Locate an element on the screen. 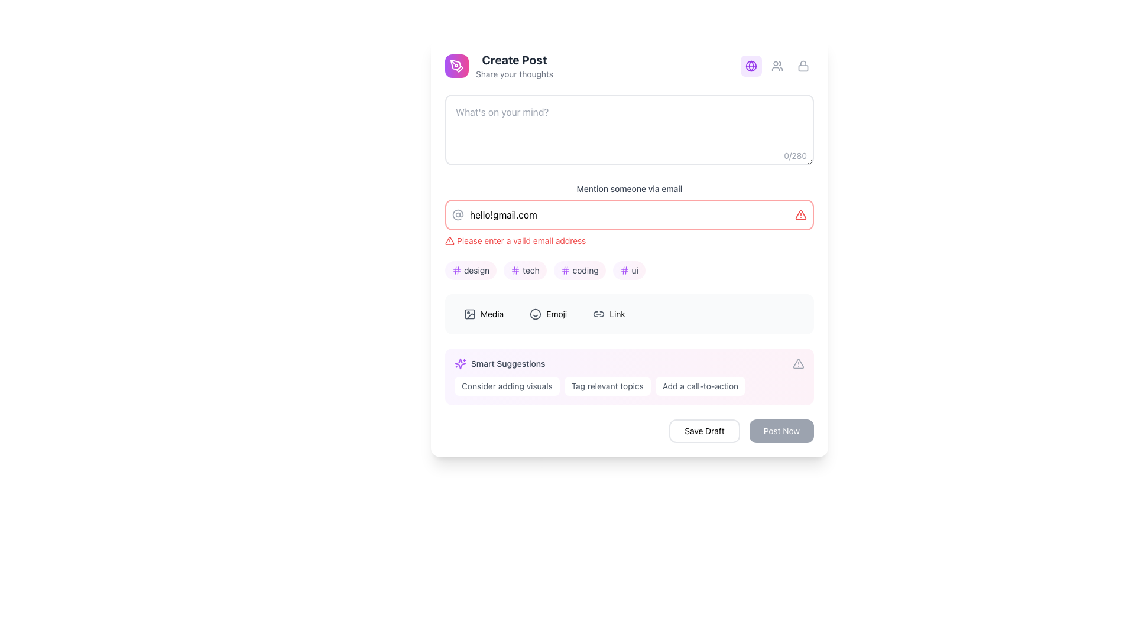 This screenshot has width=1135, height=638. the lock icon button located at the top-right corner of the interface is located at coordinates (803, 66).